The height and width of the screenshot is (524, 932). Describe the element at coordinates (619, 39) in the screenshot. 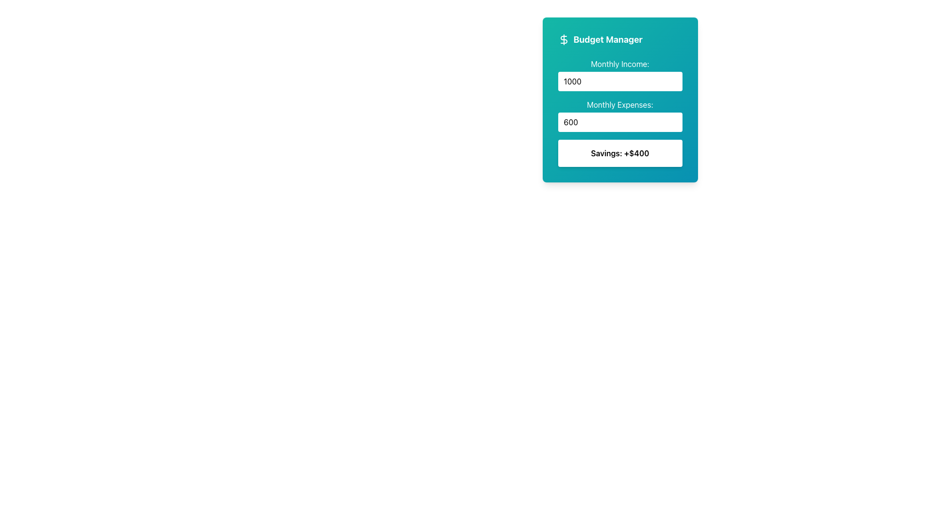

I see `the 'Budget Manager' label, which is styled with bold font and located within a blue-green gradient rectangular card, positioned at the top of the budget-related information section` at that location.